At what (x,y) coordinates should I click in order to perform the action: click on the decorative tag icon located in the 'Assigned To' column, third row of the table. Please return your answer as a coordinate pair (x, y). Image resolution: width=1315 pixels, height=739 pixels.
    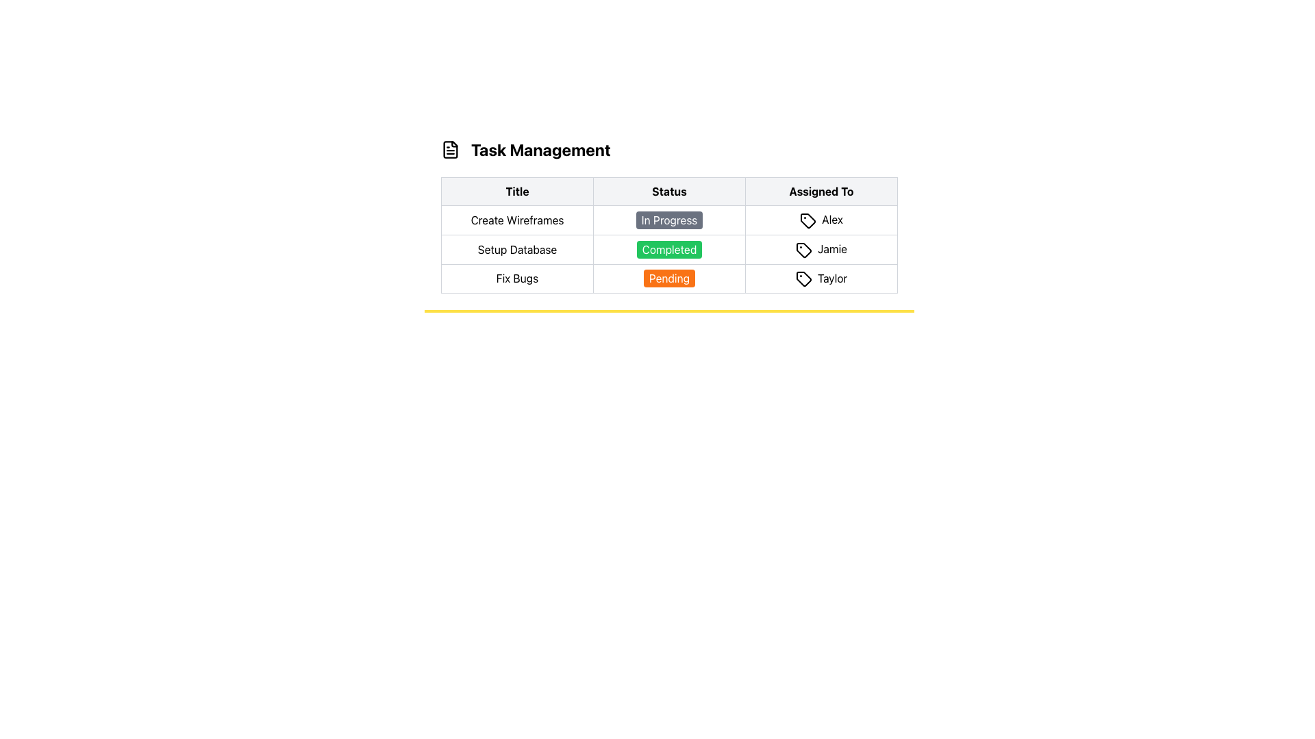
    Looking at the image, I should click on (803, 250).